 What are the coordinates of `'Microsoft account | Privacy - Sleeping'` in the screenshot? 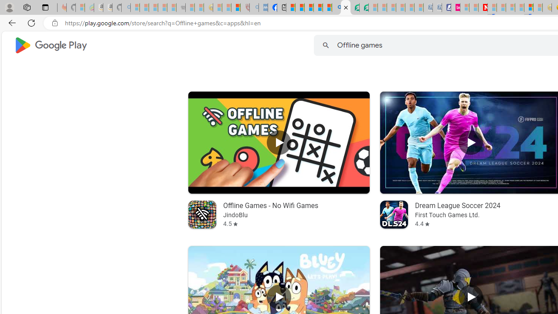 It's located at (464, 7).